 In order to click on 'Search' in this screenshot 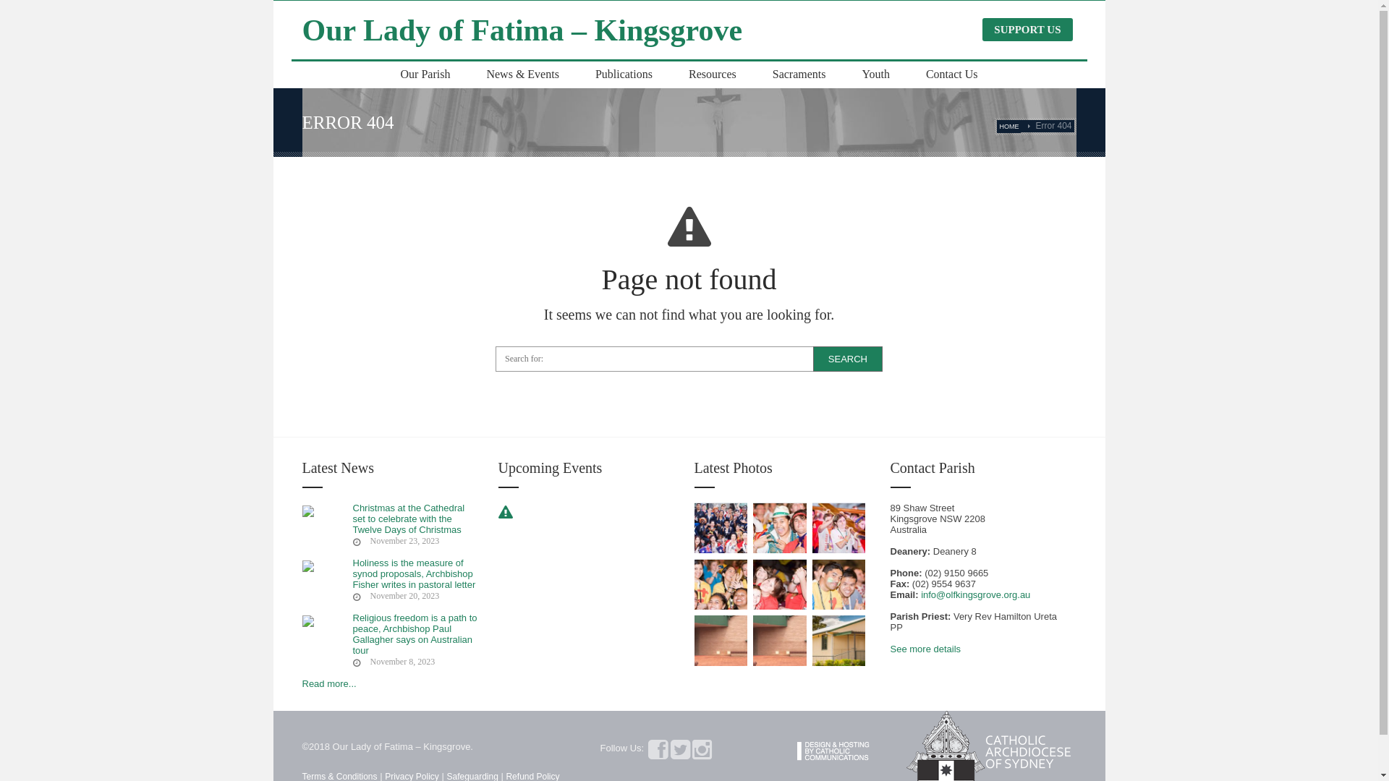, I will do `click(847, 358)`.